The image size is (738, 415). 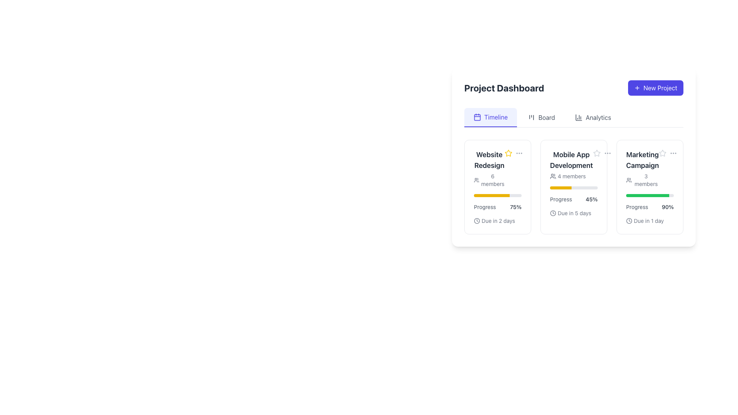 What do you see at coordinates (498, 195) in the screenshot?
I see `the progress bar representing 75% completion of the 'Website Redesign' process, located within the first card section` at bounding box center [498, 195].